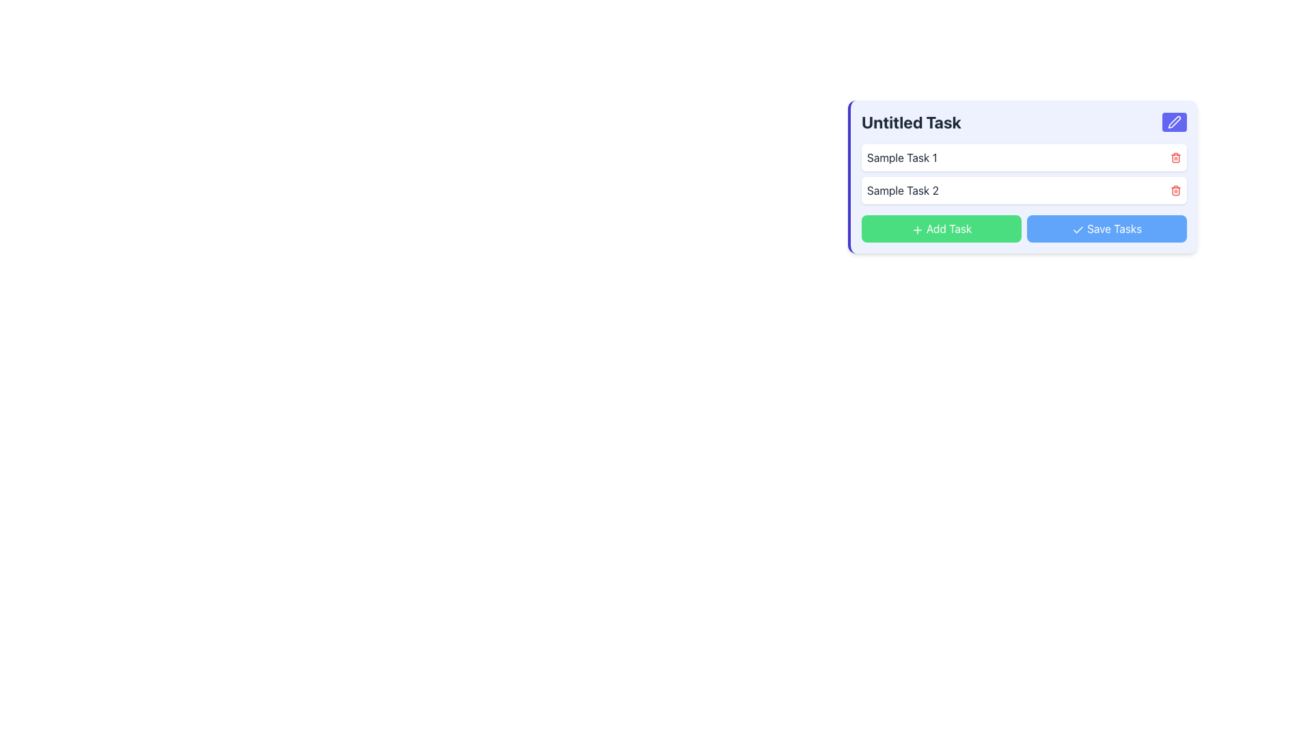  Describe the element at coordinates (1173, 120) in the screenshot. I see `the pen-shaped icon located in the top-right corner of the task panel` at that location.